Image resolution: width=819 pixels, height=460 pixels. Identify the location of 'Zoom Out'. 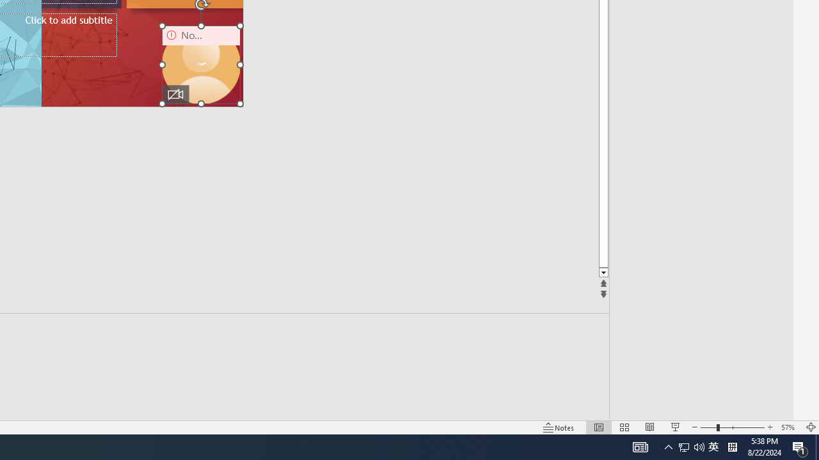
(708, 427).